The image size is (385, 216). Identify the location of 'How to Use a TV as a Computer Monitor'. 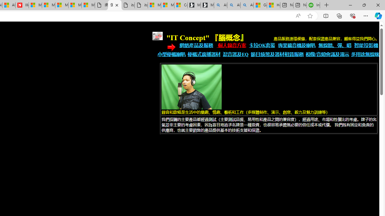
(273, 5).